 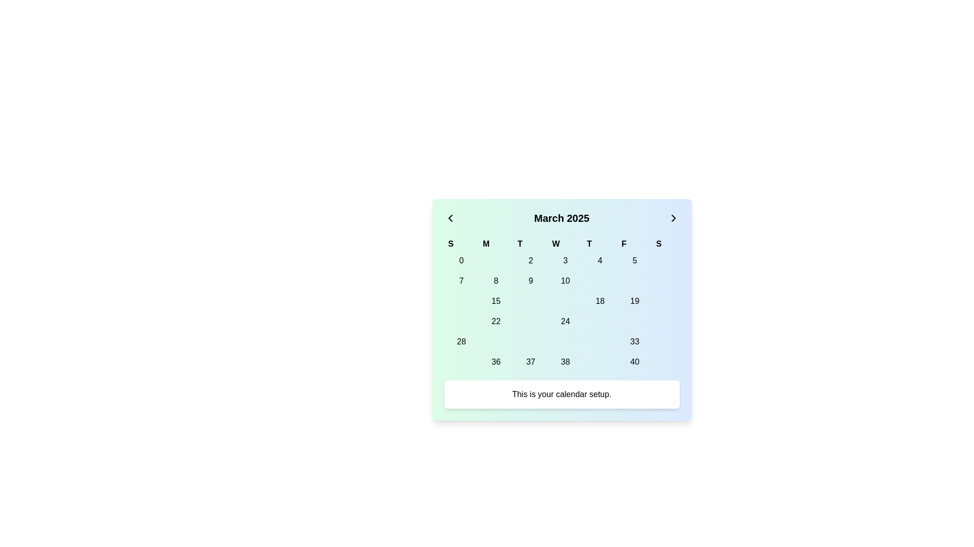 What do you see at coordinates (565, 361) in the screenshot?
I see `the text label displaying '38', which is the fourth element in the row of dates in the calendar grid for March 2025` at bounding box center [565, 361].